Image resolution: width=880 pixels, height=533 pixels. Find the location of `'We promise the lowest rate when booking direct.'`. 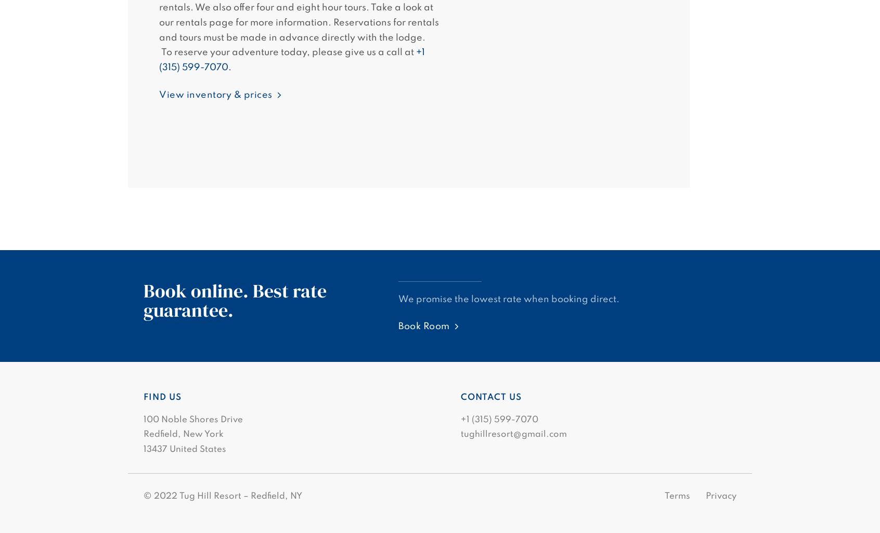

'We promise the lowest rate when booking direct.' is located at coordinates (397, 299).